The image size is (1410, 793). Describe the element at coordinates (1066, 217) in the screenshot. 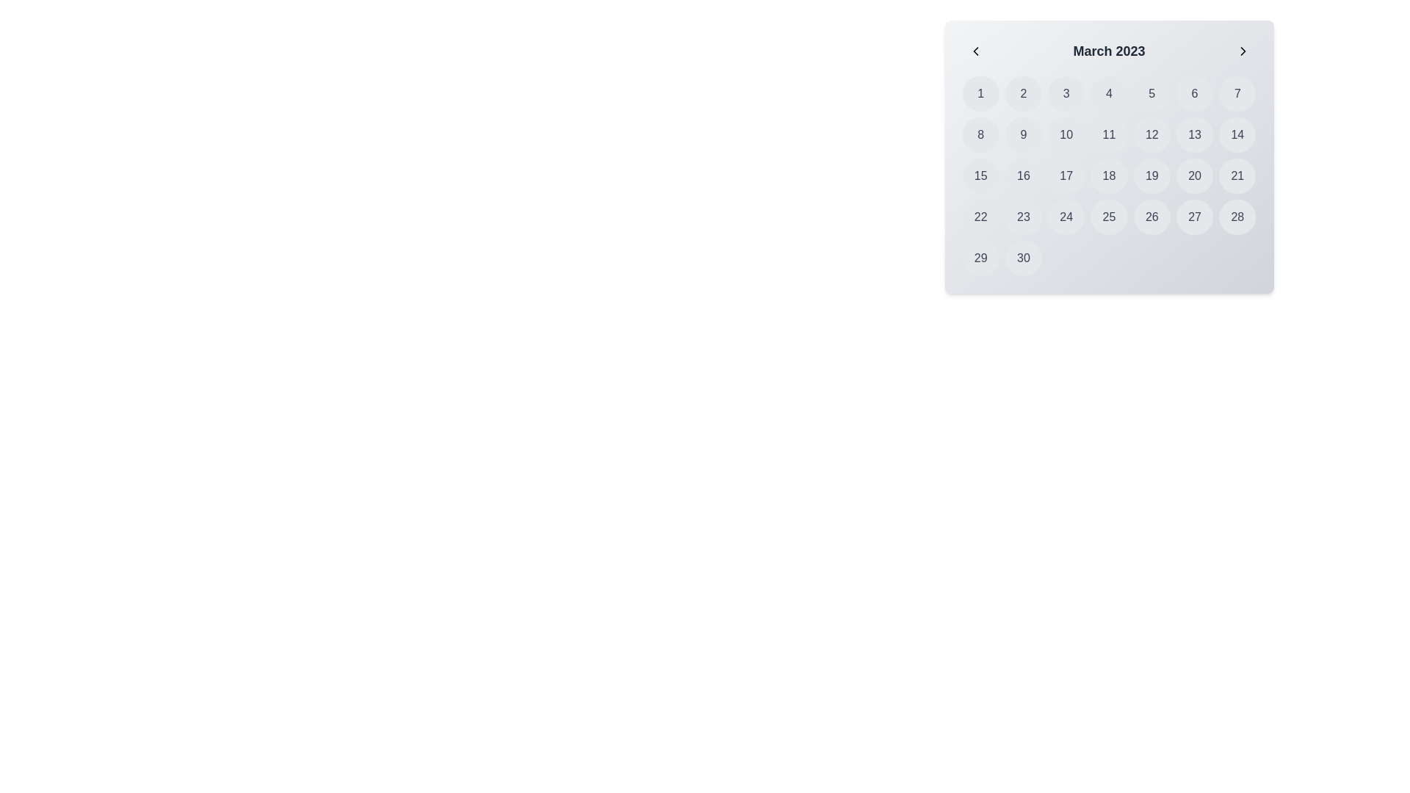

I see `the circular button displaying the number '24' in the lower half of the calendar grid` at that location.